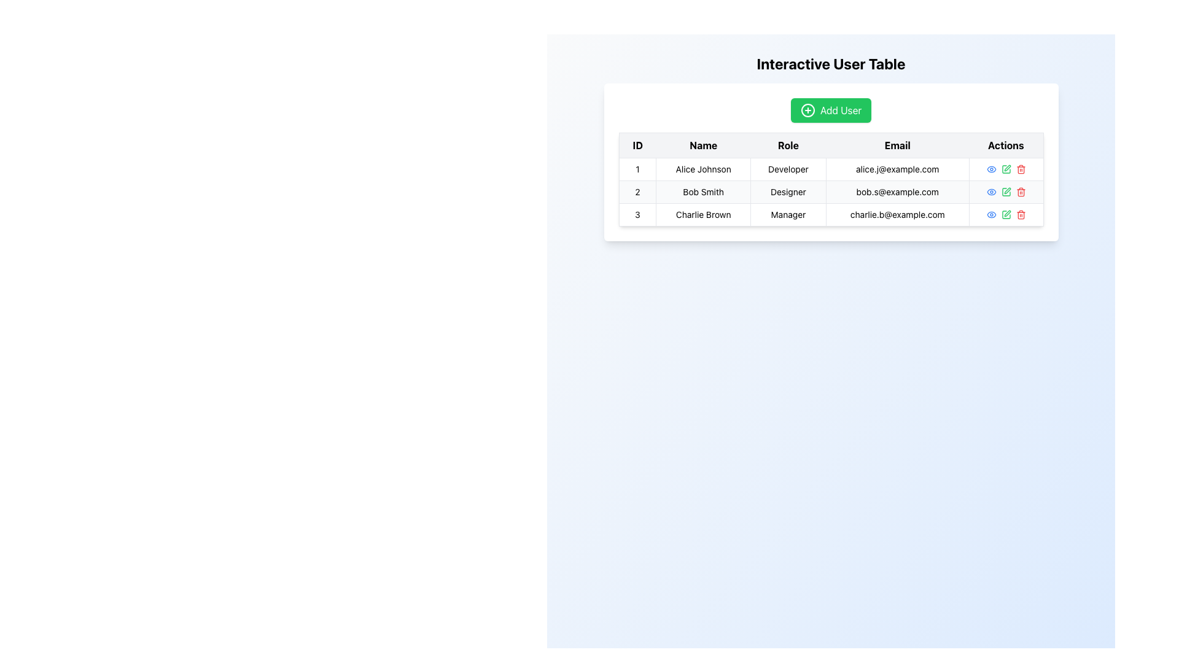 This screenshot has width=1179, height=663. Describe the element at coordinates (1021, 214) in the screenshot. I see `the delete button icon in the third row of the 'Actions' column associated with the user 'Charlie Brown'` at that location.